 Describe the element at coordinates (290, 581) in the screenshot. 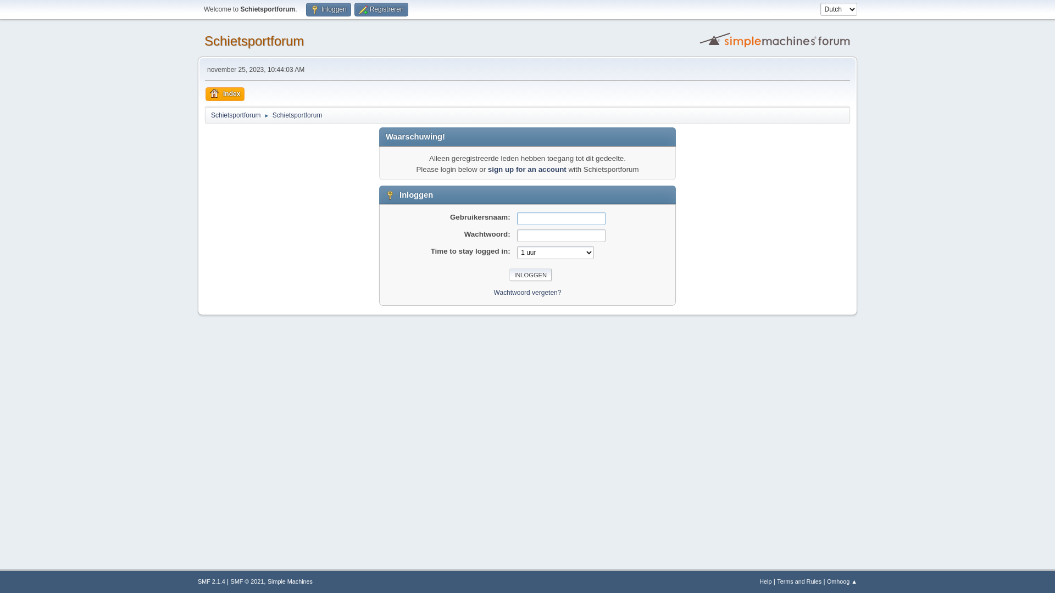

I see `'Simple Machines'` at that location.